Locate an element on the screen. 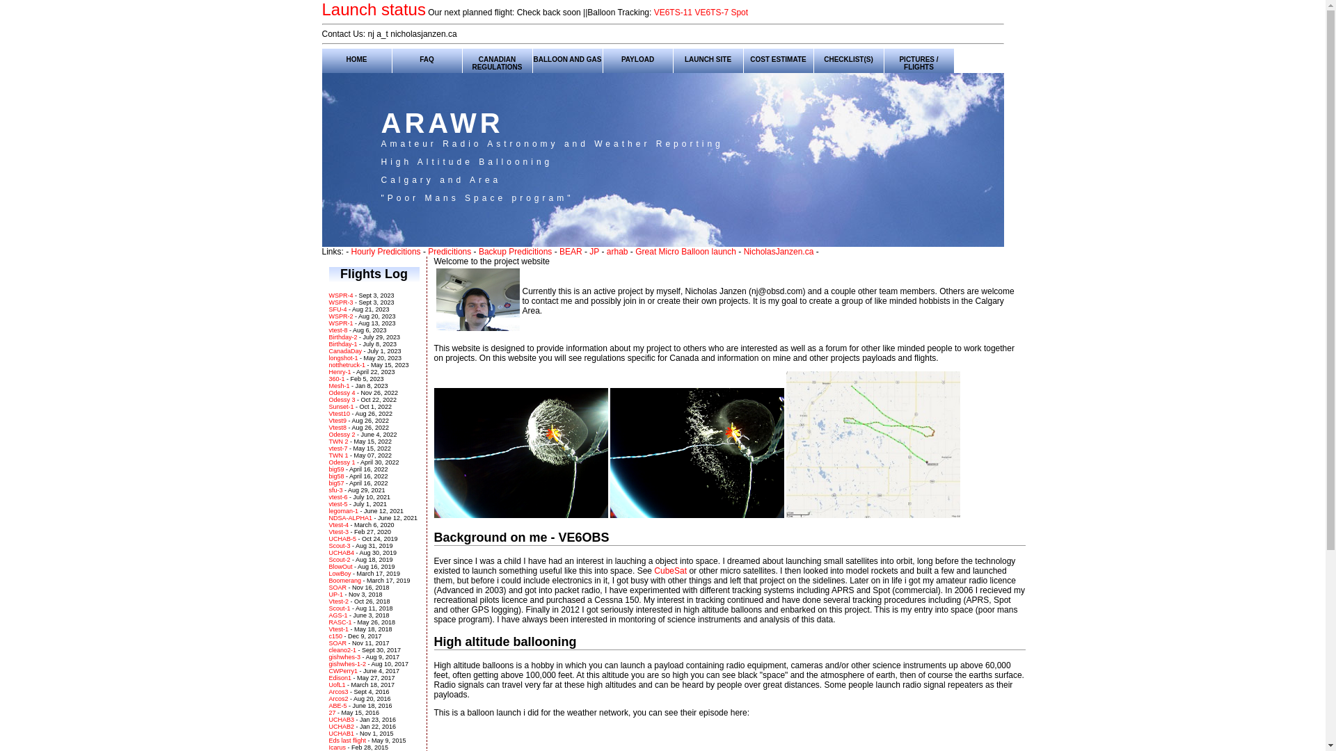 The height and width of the screenshot is (751, 1336). 'Arcos3' is located at coordinates (339, 692).